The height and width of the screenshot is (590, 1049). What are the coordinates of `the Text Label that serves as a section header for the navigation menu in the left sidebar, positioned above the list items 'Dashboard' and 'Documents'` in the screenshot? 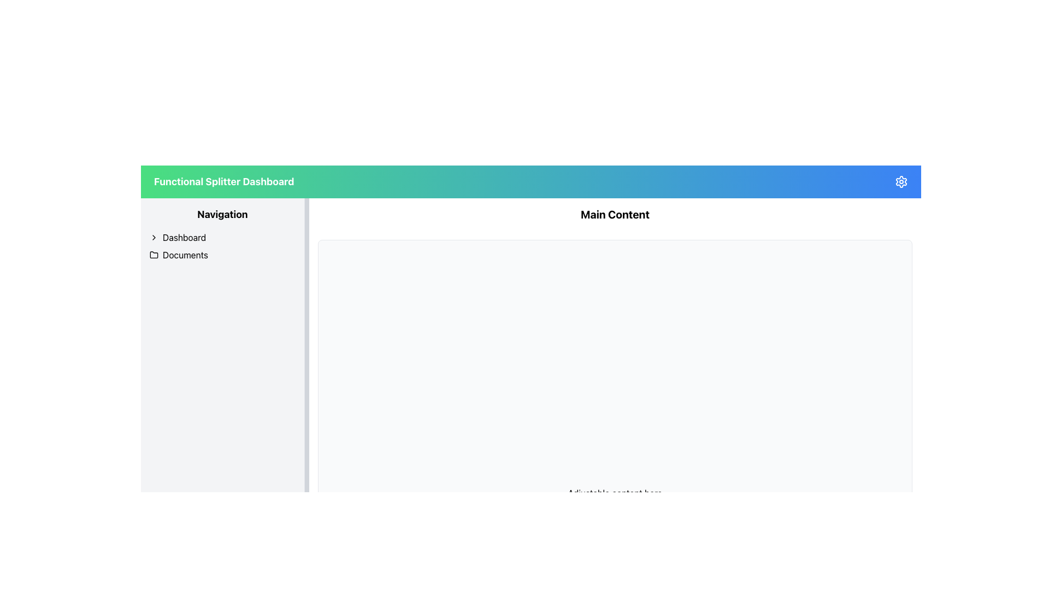 It's located at (222, 215).